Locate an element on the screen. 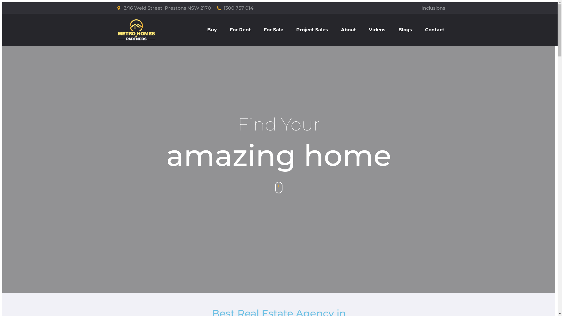 The height and width of the screenshot is (316, 562). 'About' is located at coordinates (348, 29).